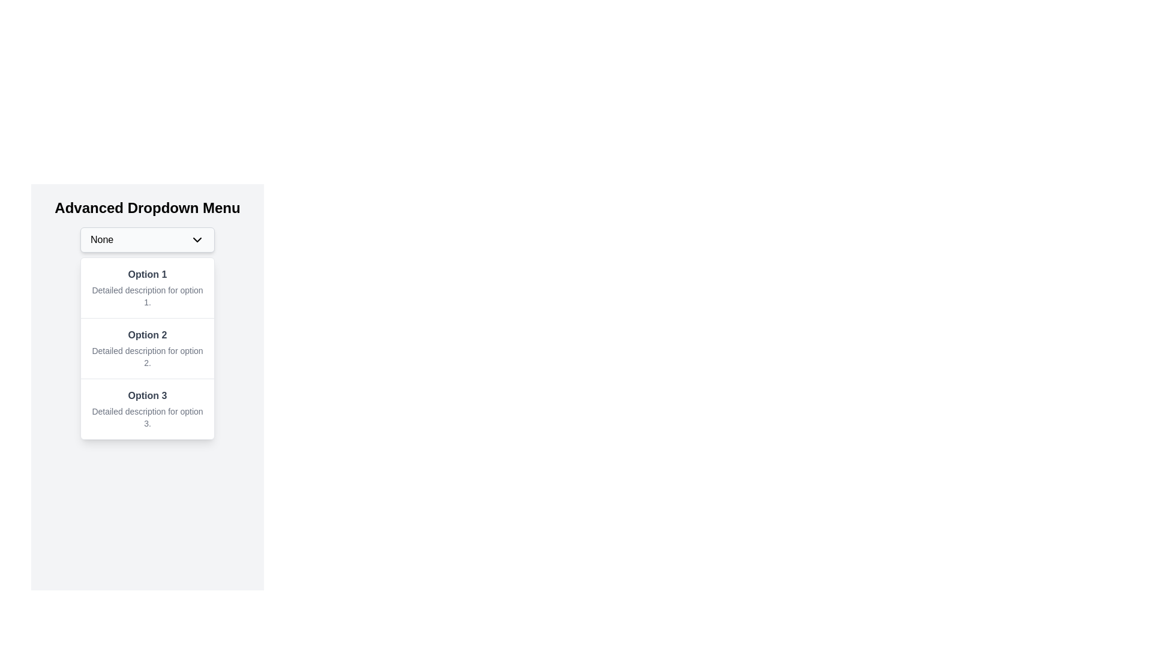 The image size is (1152, 648). Describe the element at coordinates (146, 240) in the screenshot. I see `the dropdown menu labeled 'Advanced Dropdown Menu'` at that location.